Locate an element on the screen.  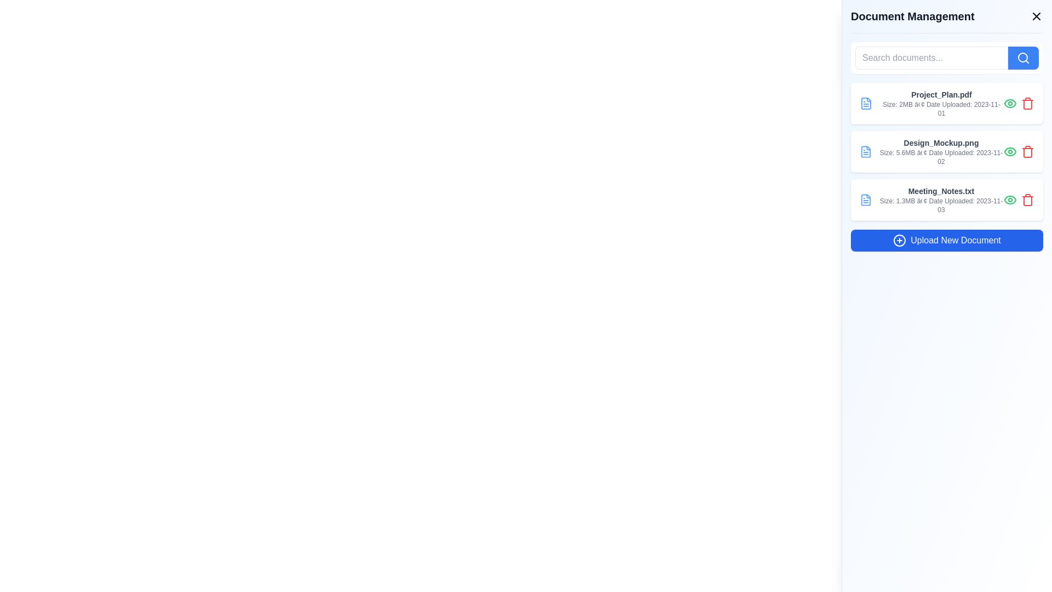
the Text Label that provides additional information about the file 'Project_Plan.pdf', located in the 'Document Management' panel, specifically the second line of text under the file name is located at coordinates (941, 109).